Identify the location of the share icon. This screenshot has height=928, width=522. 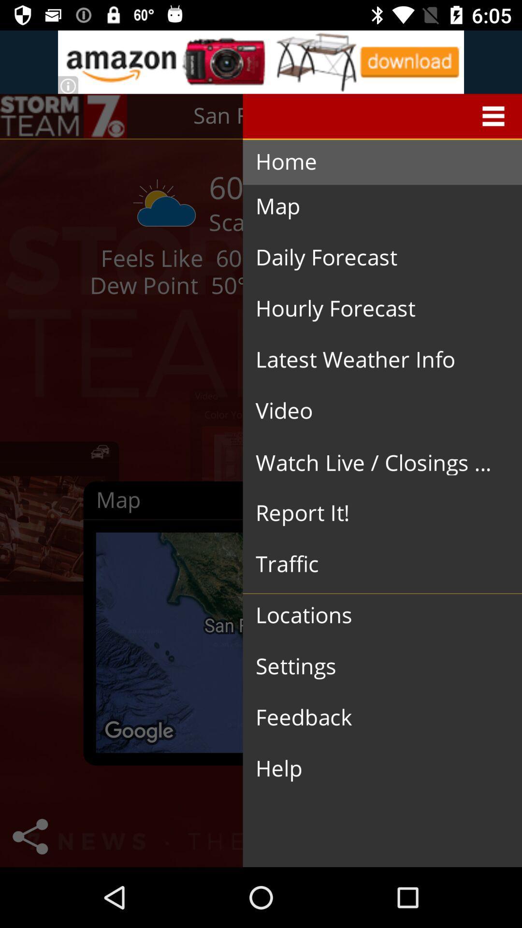
(29, 836).